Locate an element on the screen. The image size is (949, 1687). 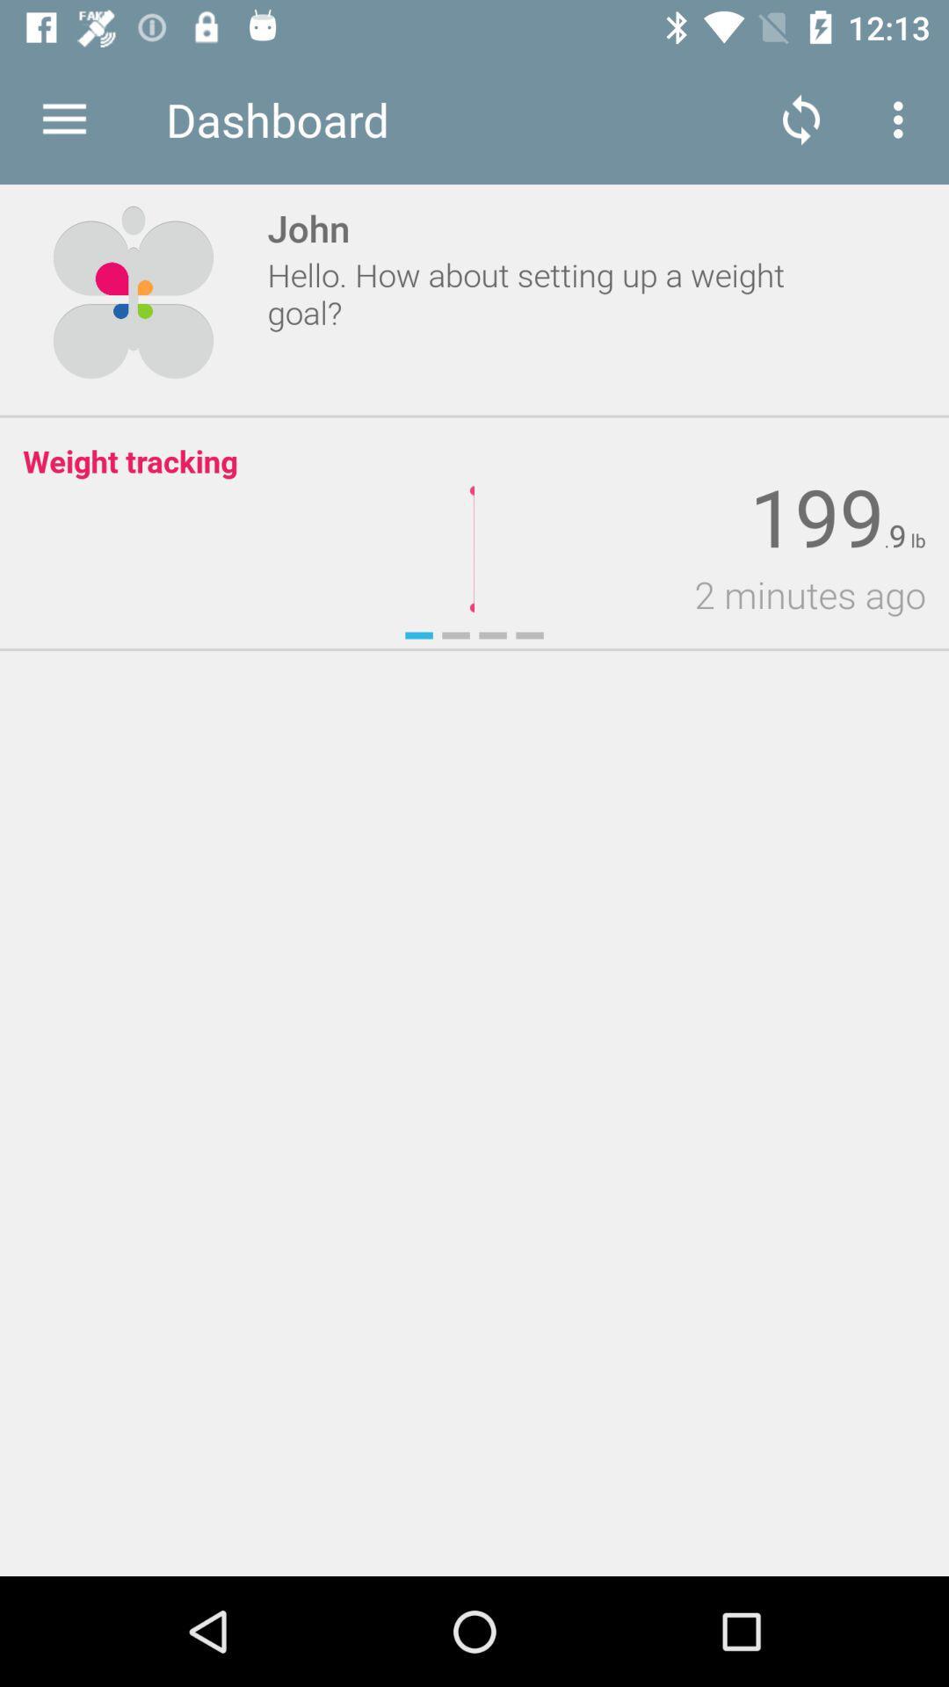
the app to the left of the  lb app is located at coordinates (897, 535).